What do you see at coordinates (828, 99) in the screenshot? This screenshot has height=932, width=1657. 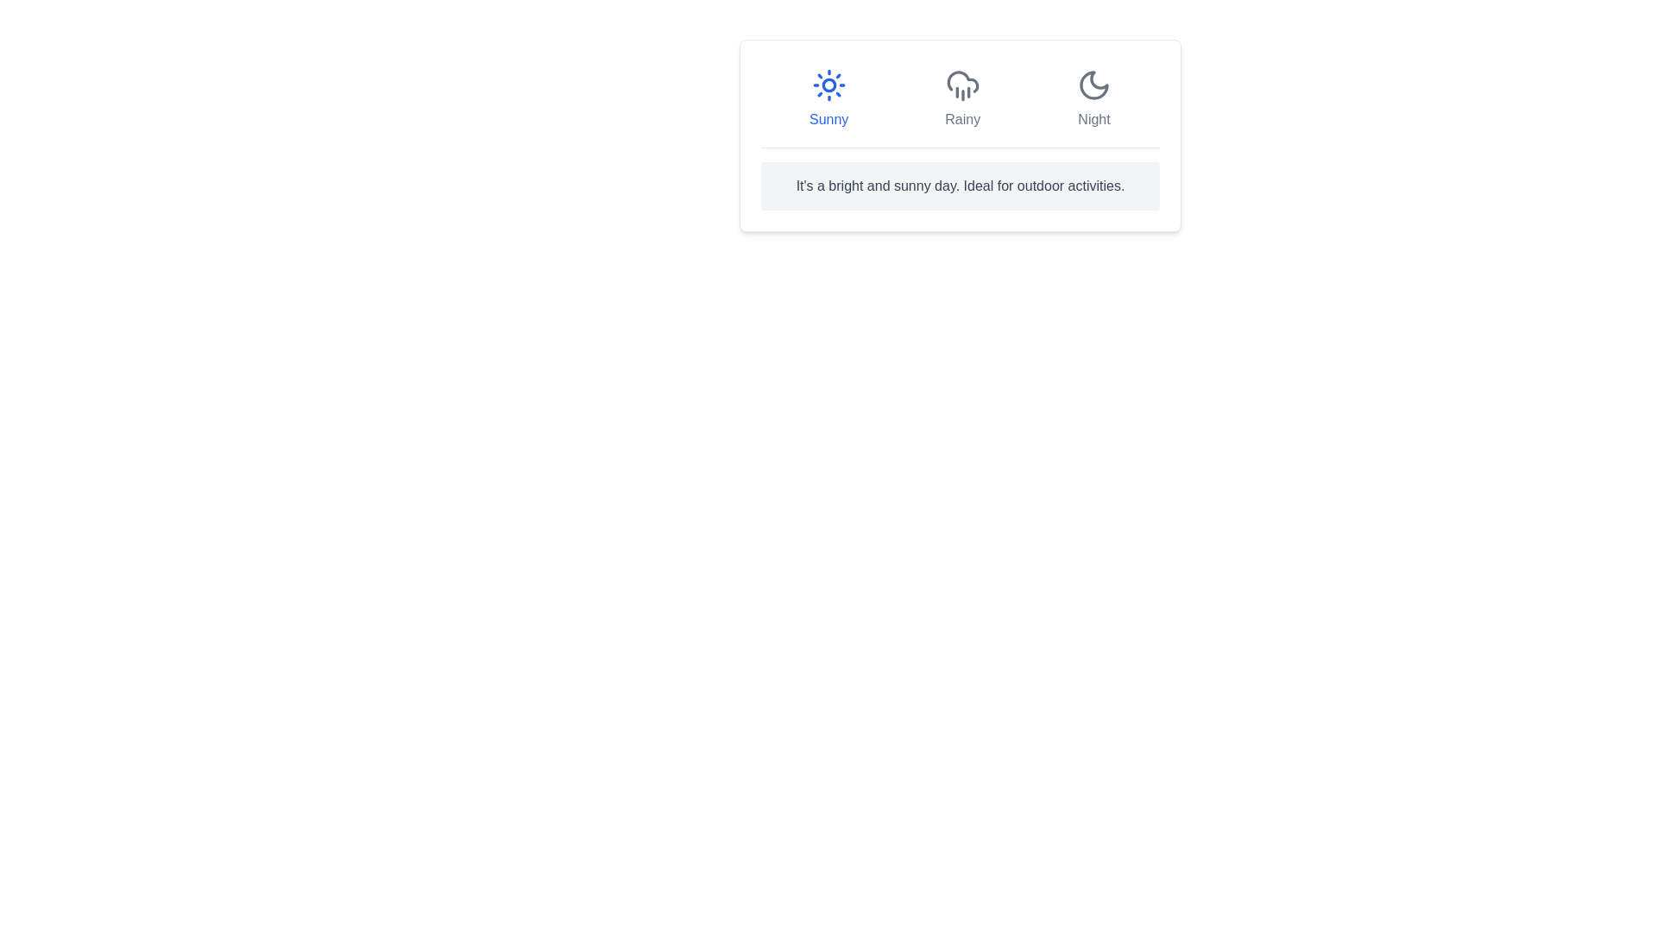 I see `the tab corresponding to Sunny to view its details` at bounding box center [828, 99].